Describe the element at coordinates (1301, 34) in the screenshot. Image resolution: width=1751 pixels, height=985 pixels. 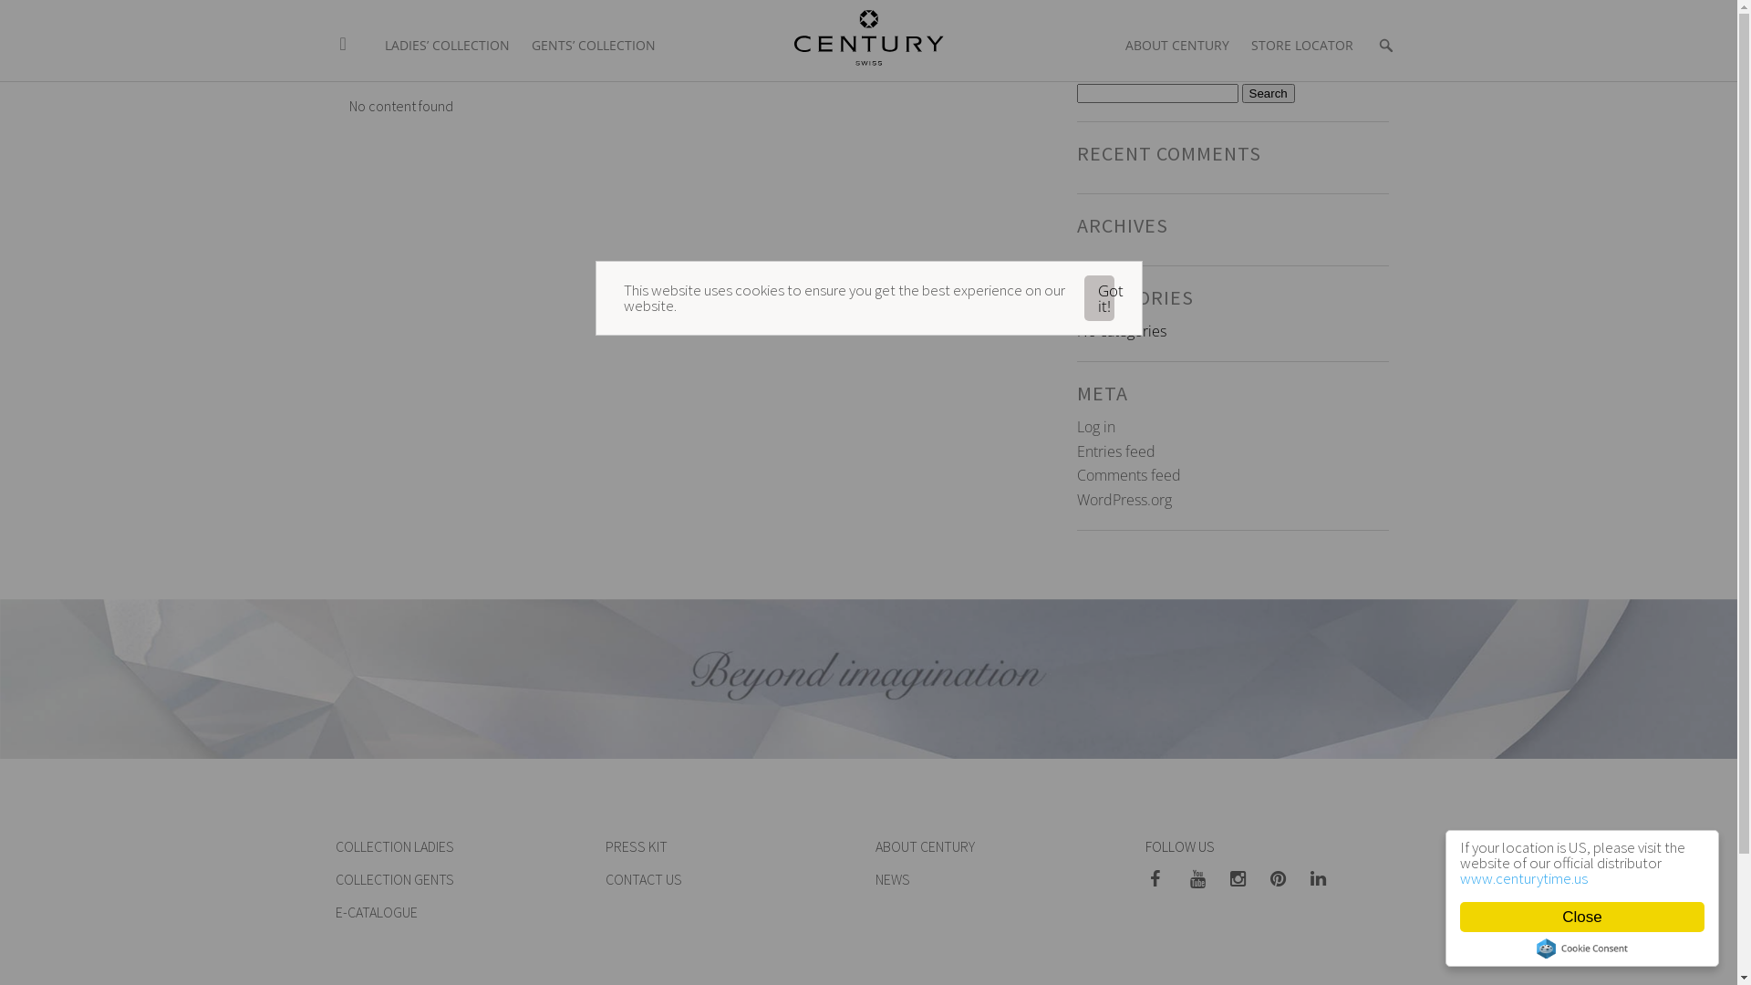
I see `'STORE LOCATOR'` at that location.